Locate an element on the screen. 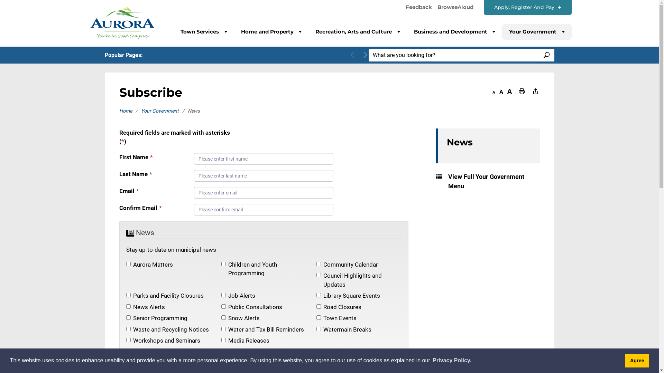 This screenshot has width=664, height=373. 'Town Services' is located at coordinates (203, 32).